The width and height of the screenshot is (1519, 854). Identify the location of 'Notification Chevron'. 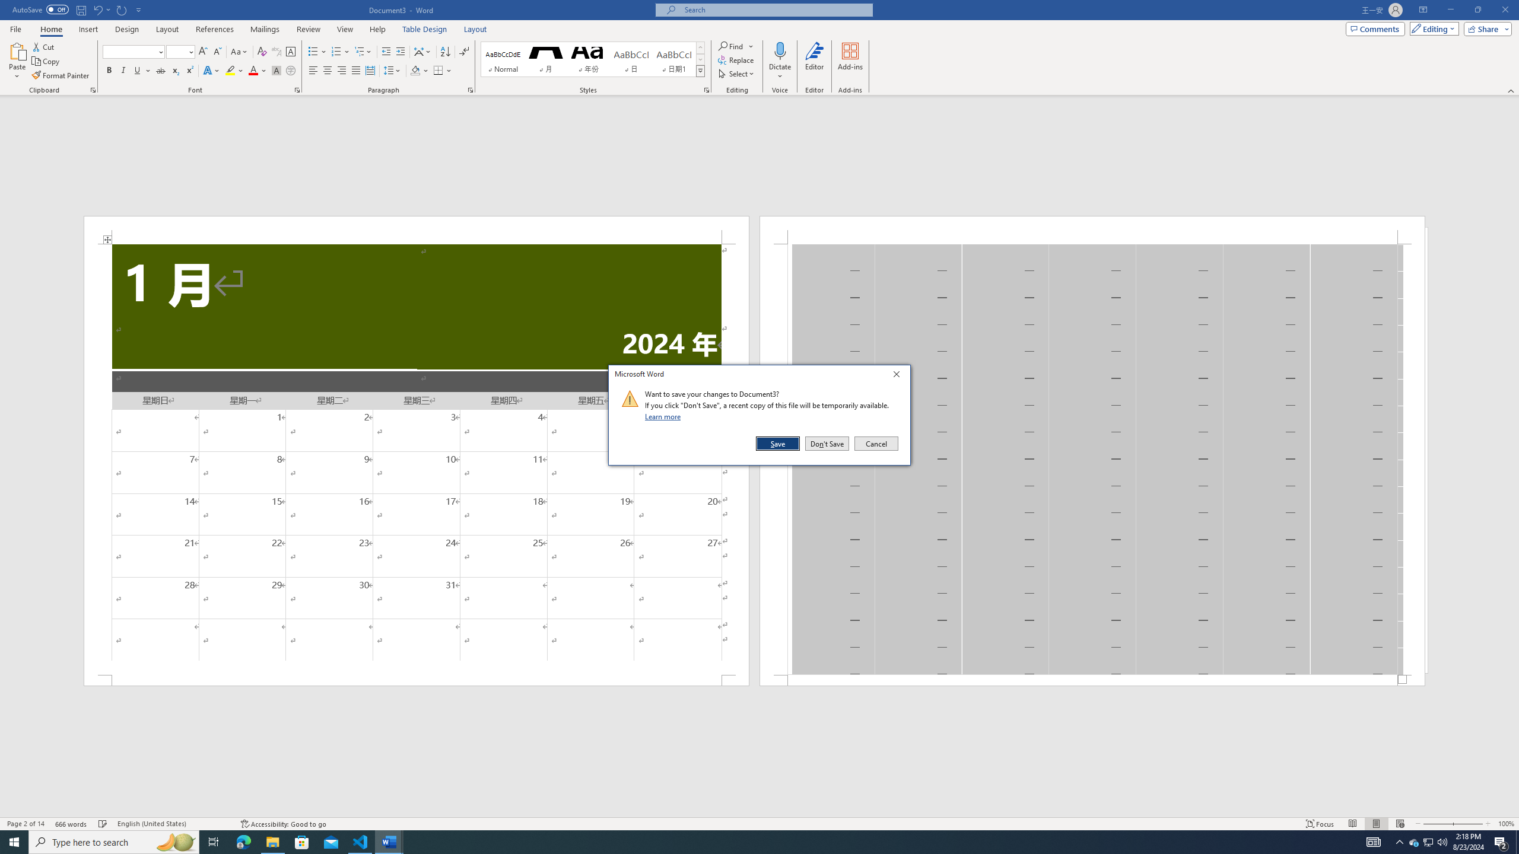
(1400, 841).